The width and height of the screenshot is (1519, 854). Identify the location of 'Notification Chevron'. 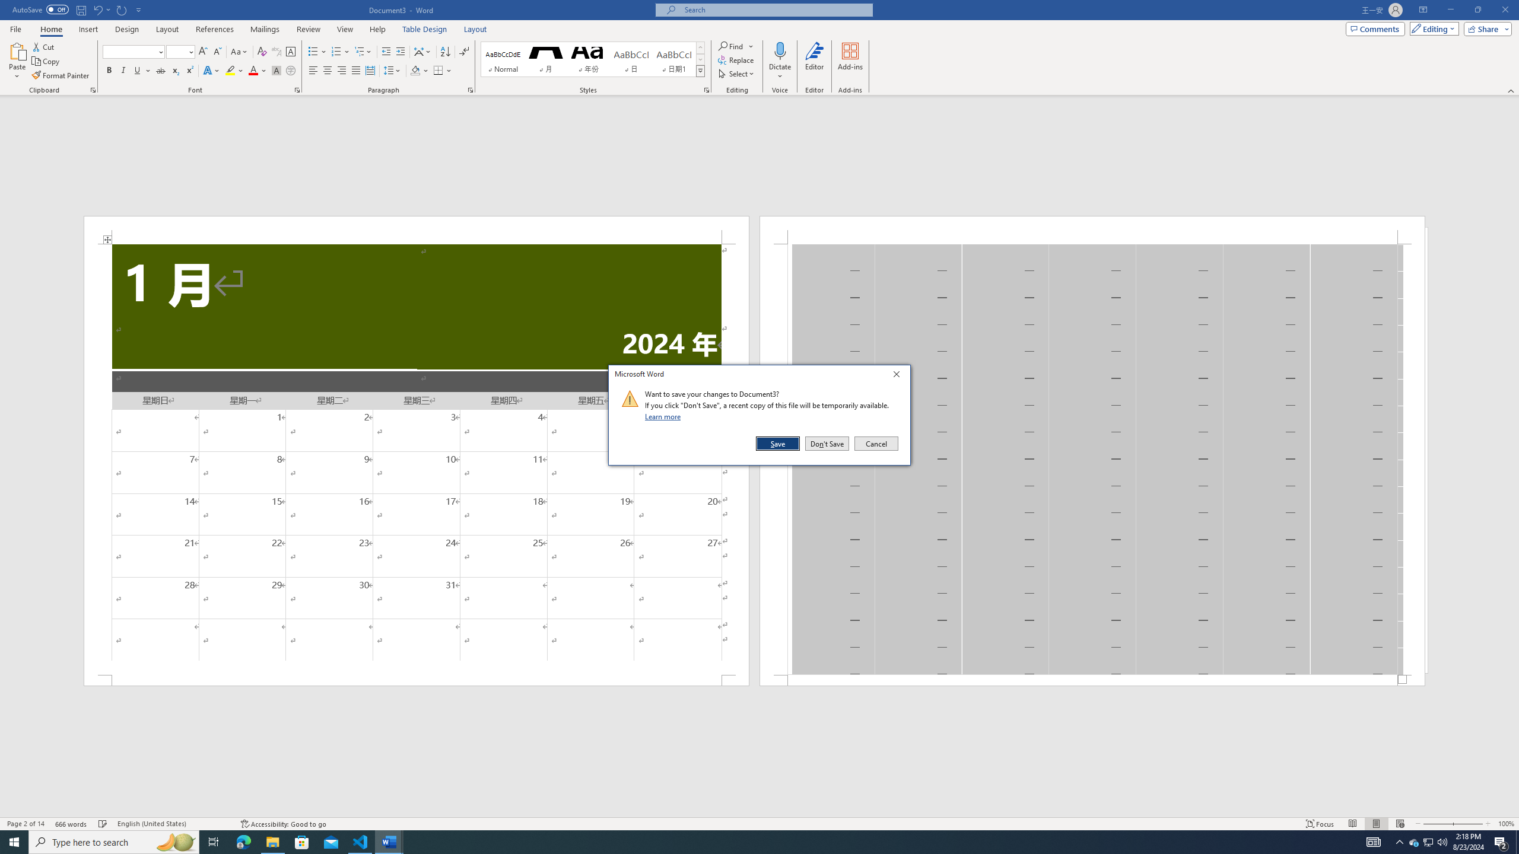
(1400, 841).